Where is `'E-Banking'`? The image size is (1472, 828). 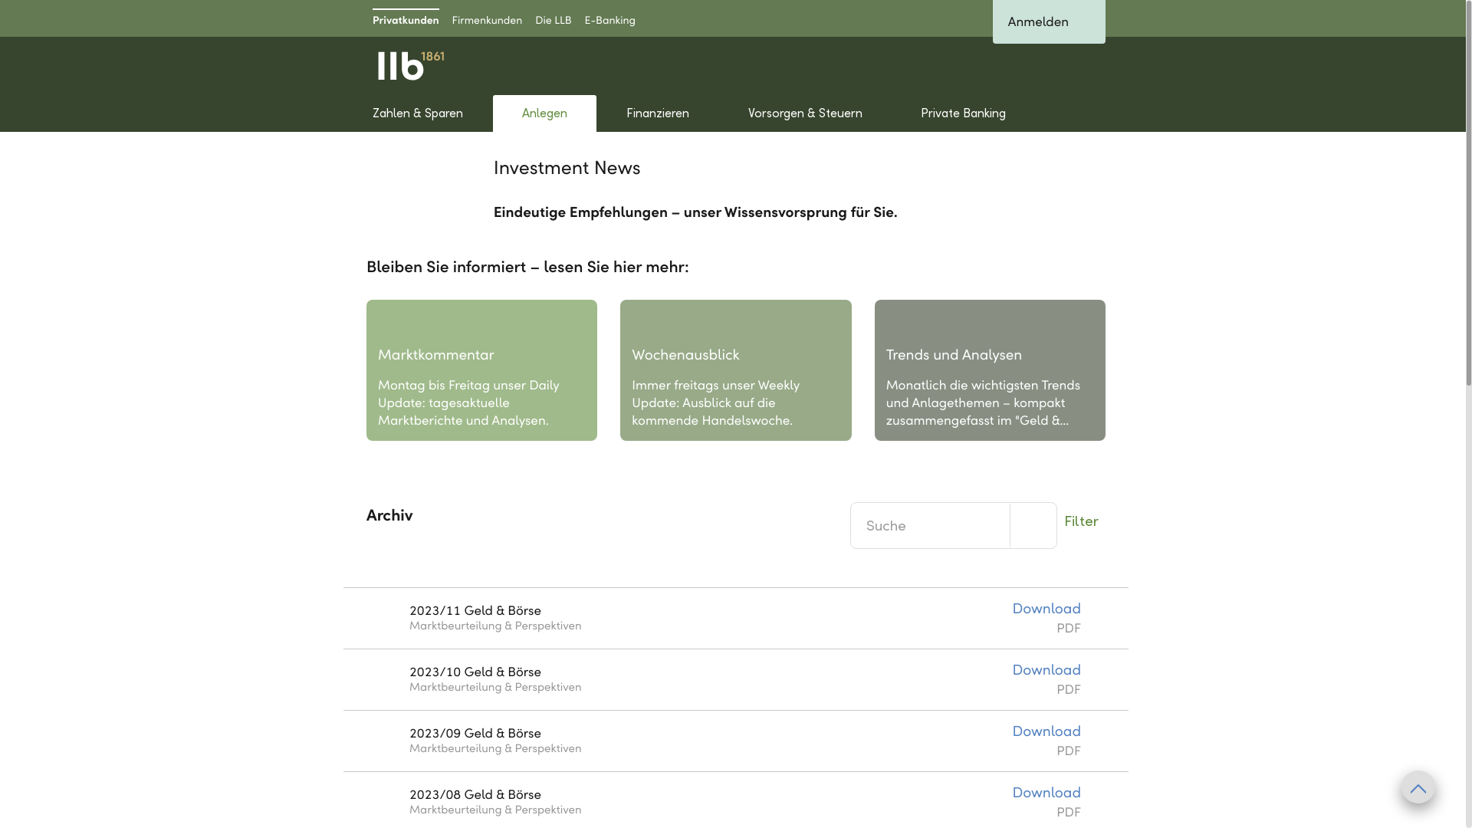
'E-Banking' is located at coordinates (609, 18).